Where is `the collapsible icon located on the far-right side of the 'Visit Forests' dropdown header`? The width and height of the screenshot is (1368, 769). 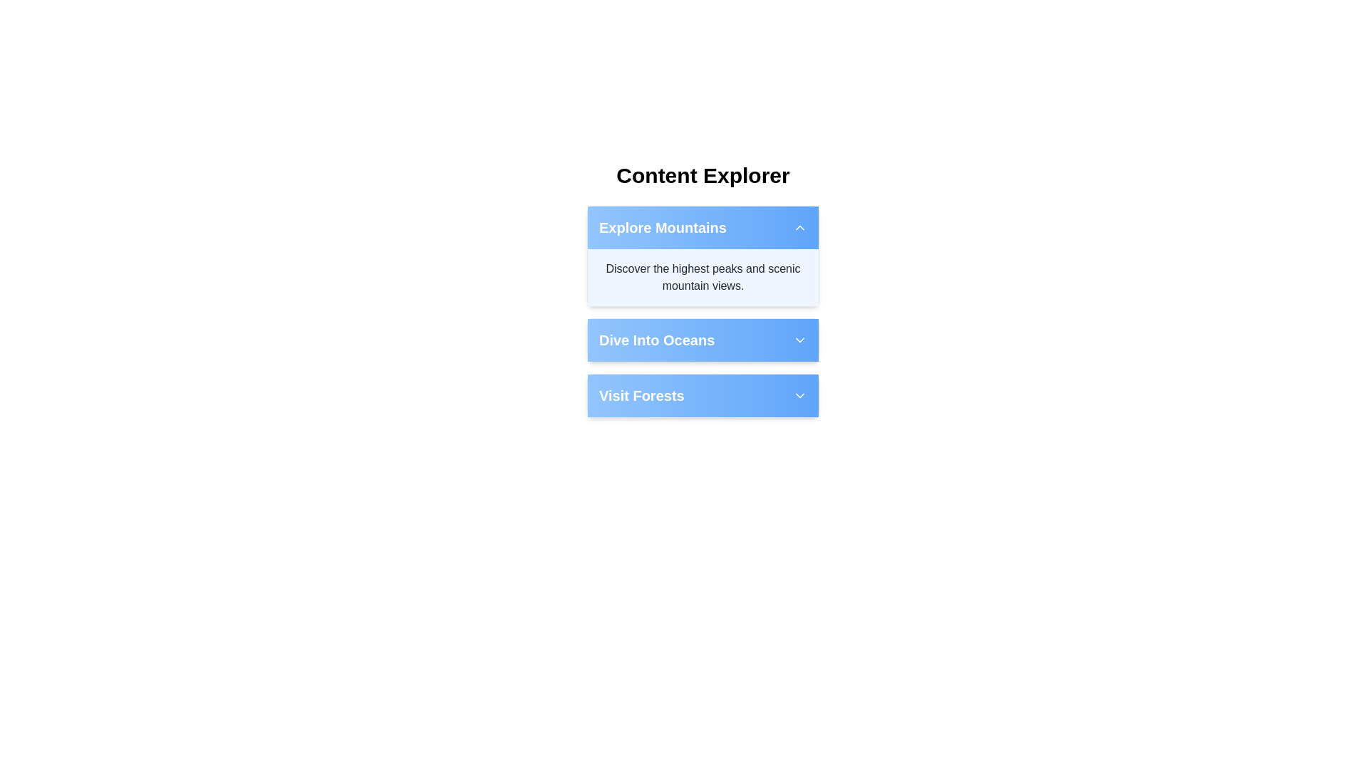
the collapsible icon located on the far-right side of the 'Visit Forests' dropdown header is located at coordinates (800, 395).